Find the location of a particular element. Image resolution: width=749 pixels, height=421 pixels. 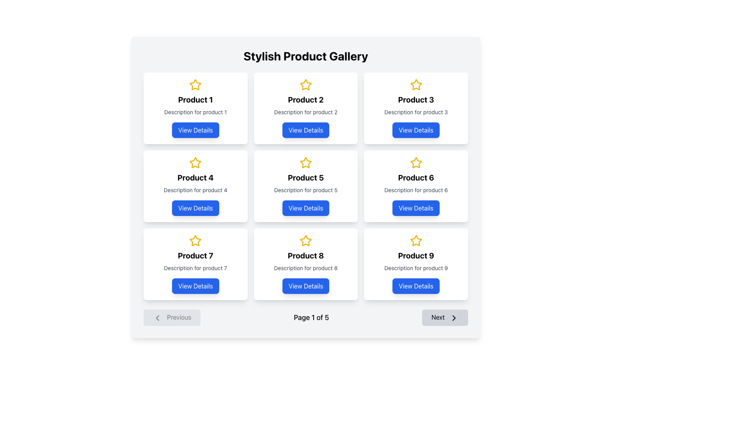

the blue rectangular button labeled 'View Details' for 'Product 4' to change its appearance is located at coordinates (195, 207).